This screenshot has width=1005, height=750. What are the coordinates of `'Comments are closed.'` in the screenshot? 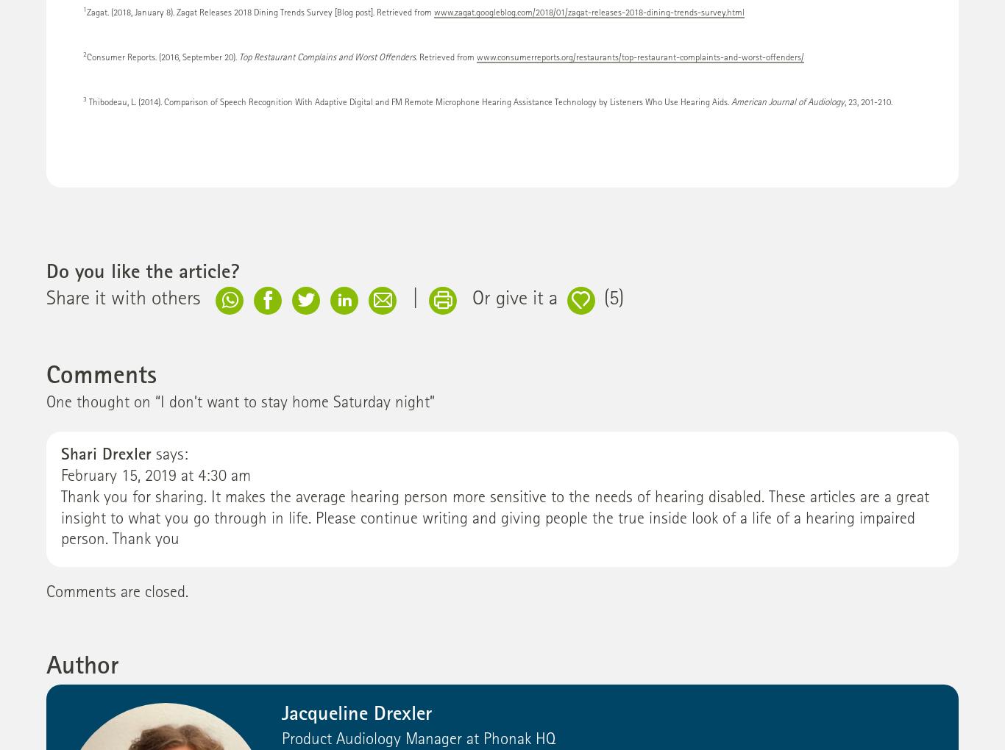 It's located at (116, 593).